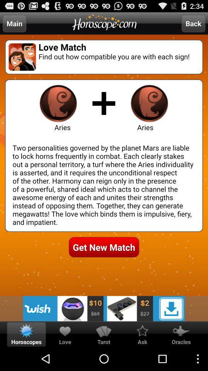 Image resolution: width=208 pixels, height=371 pixels. What do you see at coordinates (58, 103) in the screenshot?
I see `aries` at bounding box center [58, 103].